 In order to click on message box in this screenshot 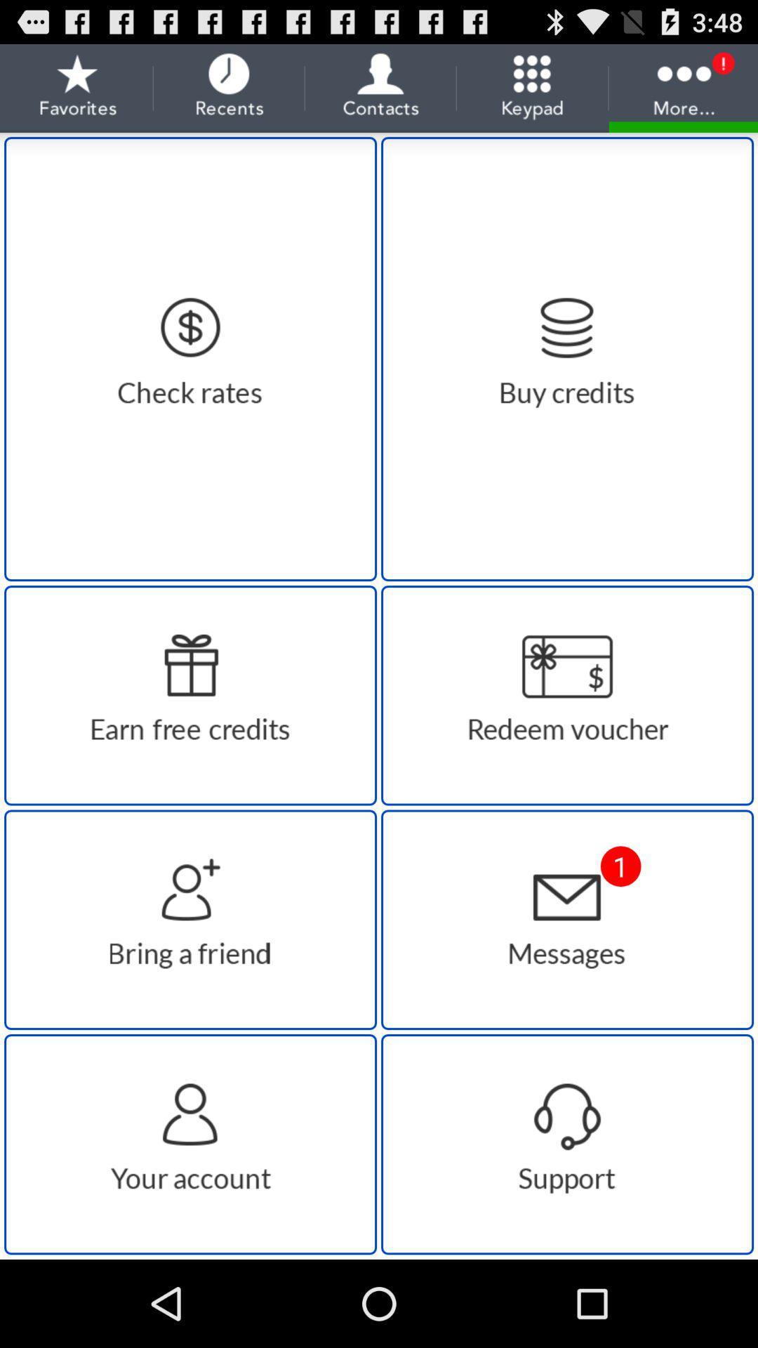, I will do `click(566, 920)`.